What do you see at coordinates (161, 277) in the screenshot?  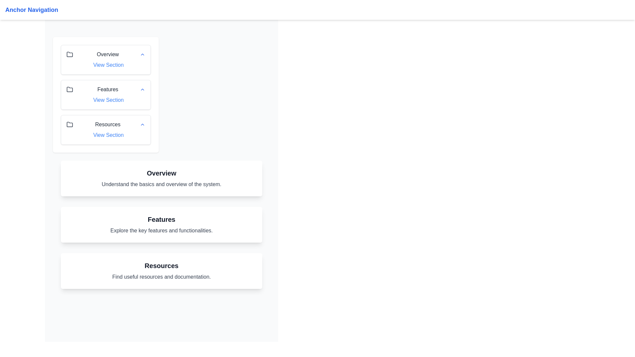 I see `the supplementary information label located directly below the 'Resources' heading within the third card in the vertical list of cards` at bounding box center [161, 277].